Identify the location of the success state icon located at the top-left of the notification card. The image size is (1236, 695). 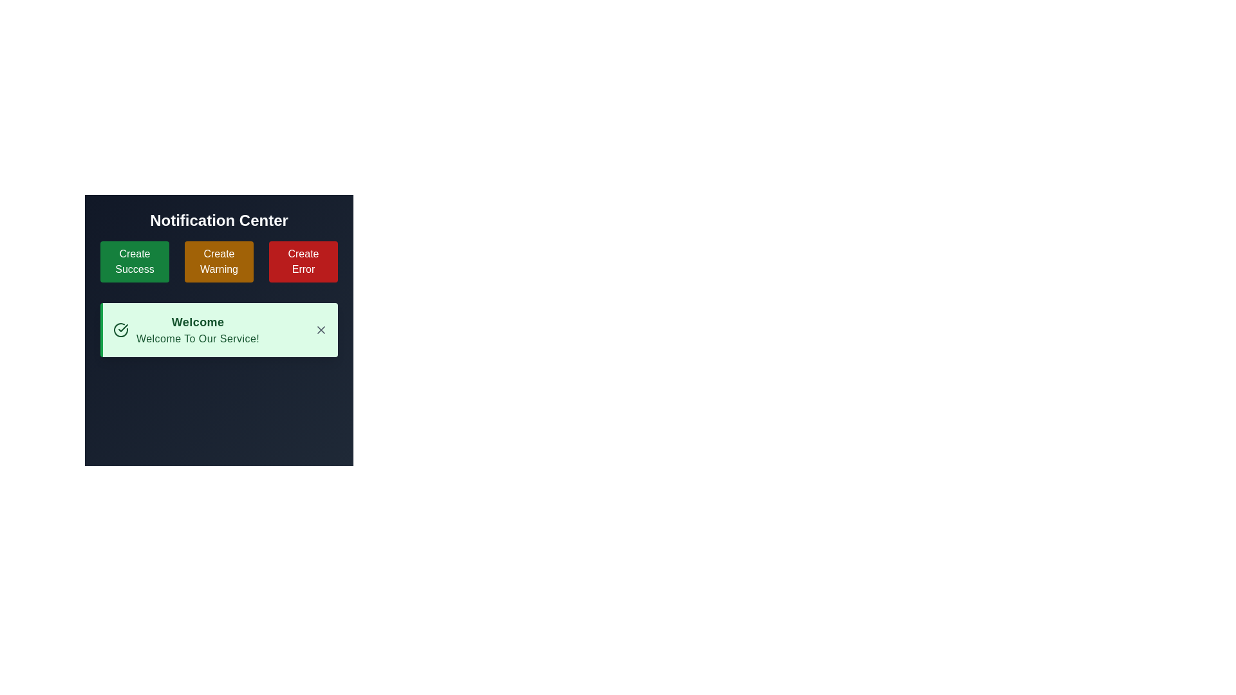
(123, 327).